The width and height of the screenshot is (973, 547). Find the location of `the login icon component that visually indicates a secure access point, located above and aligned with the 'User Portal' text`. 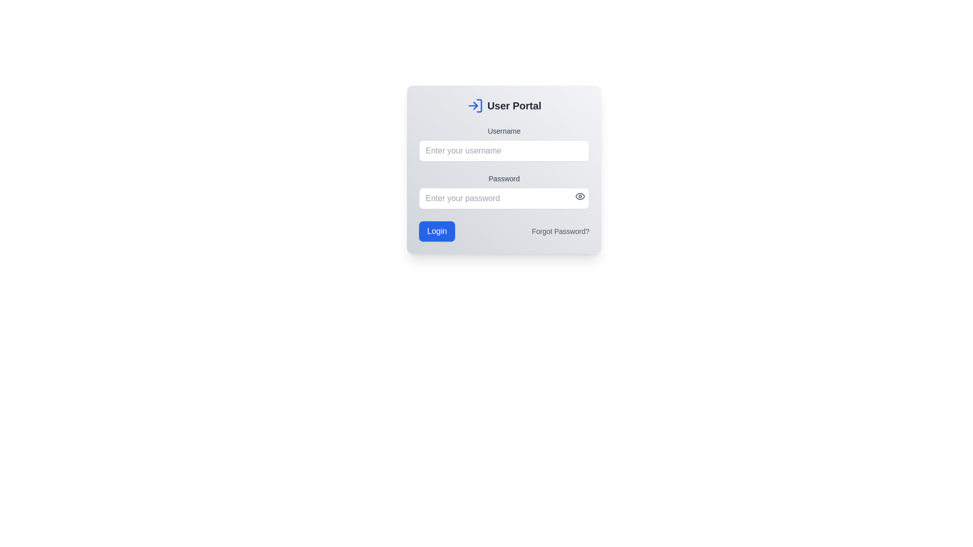

the login icon component that visually indicates a secure access point, located above and aligned with the 'User Portal' text is located at coordinates (478, 105).